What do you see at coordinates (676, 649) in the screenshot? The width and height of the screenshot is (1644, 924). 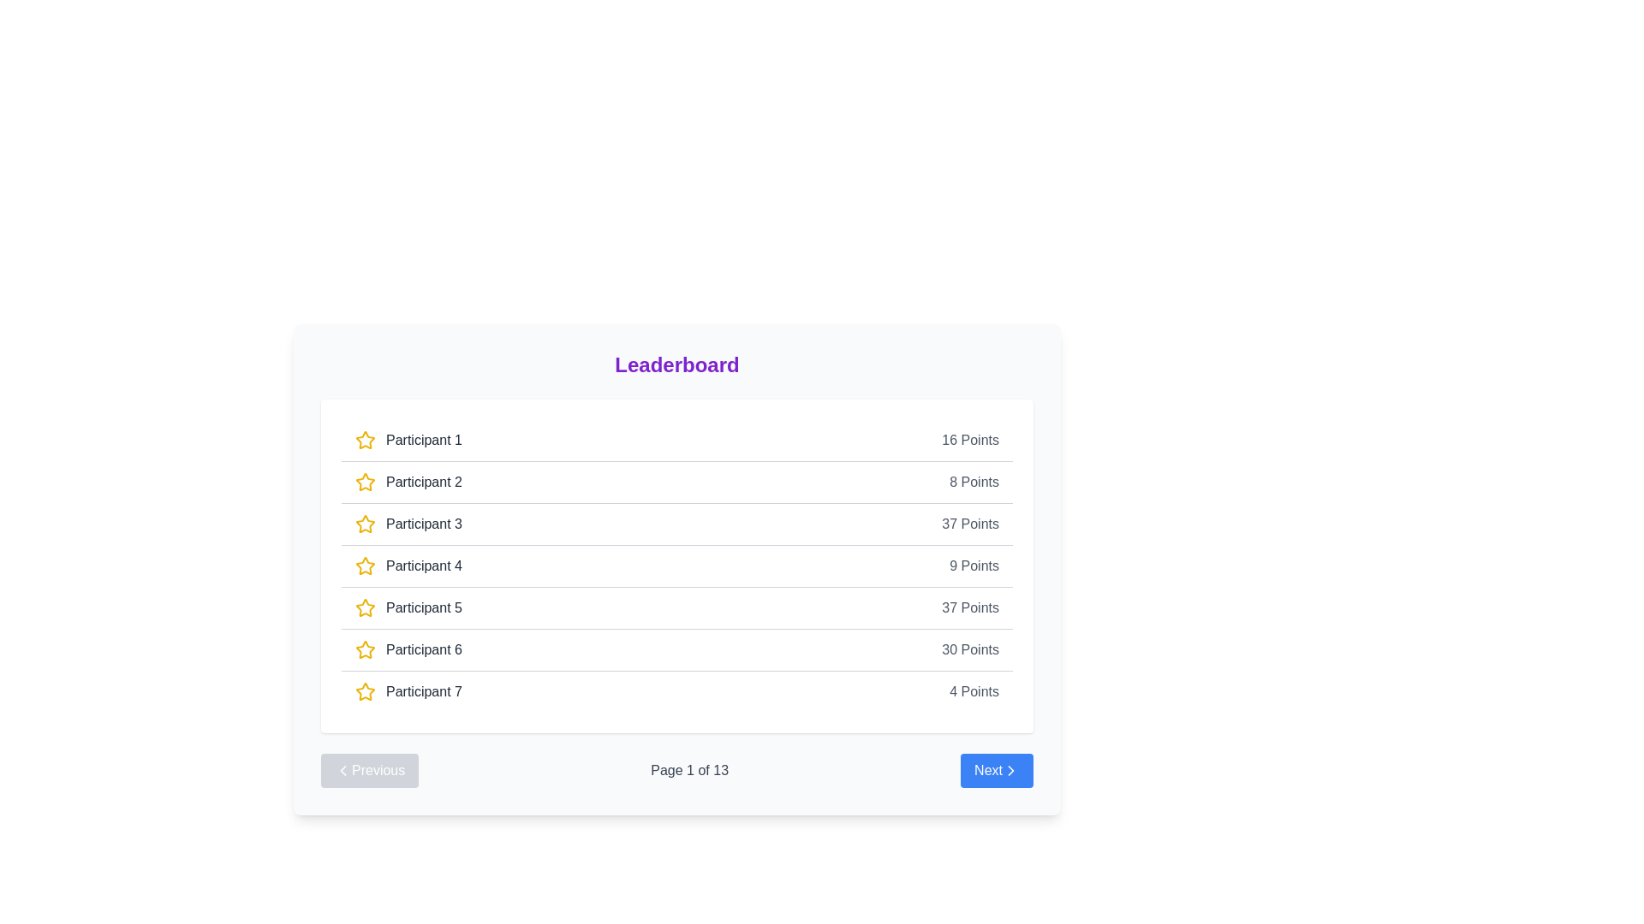 I see `name and points of the participant displayed in the sixth item of the leaderboard, located between 'Participant 5' and 'Participant 7'` at bounding box center [676, 649].